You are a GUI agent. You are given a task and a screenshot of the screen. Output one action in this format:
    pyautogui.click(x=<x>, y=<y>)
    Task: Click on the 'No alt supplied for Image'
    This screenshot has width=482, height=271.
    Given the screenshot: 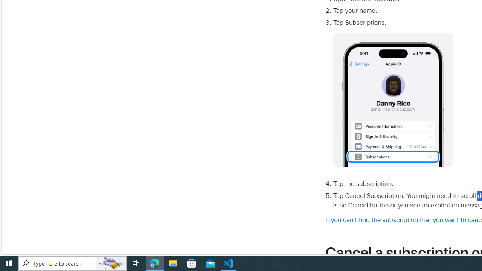 What is the action you would take?
    pyautogui.click(x=393, y=100)
    